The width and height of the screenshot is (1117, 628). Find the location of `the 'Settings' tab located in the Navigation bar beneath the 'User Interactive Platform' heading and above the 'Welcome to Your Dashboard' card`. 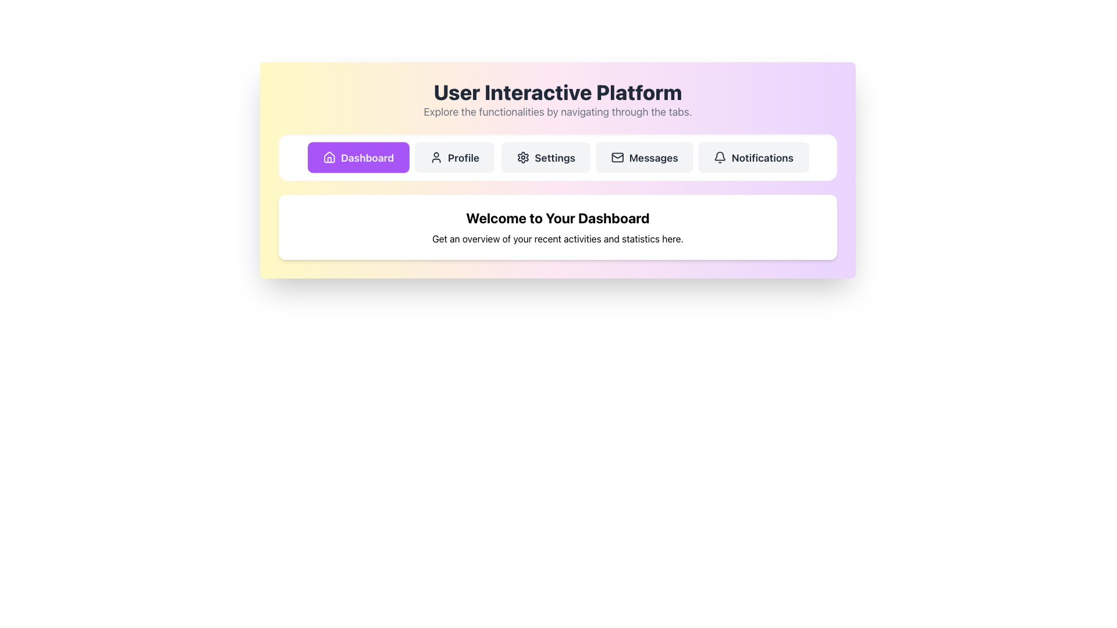

the 'Settings' tab located in the Navigation bar beneath the 'User Interactive Platform' heading and above the 'Welcome to Your Dashboard' card is located at coordinates (557, 157).